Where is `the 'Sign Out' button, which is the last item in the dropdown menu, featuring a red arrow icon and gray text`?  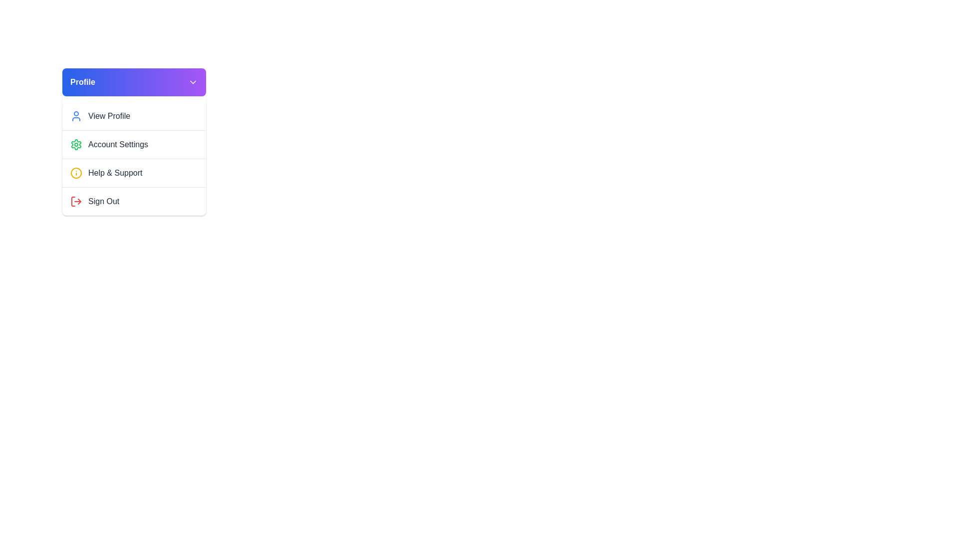 the 'Sign Out' button, which is the last item in the dropdown menu, featuring a red arrow icon and gray text is located at coordinates (133, 201).